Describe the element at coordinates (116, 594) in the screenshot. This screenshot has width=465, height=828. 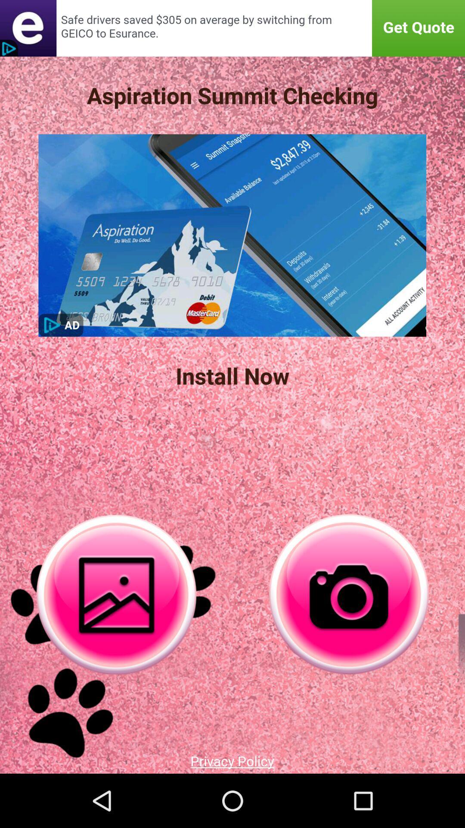
I see `gallery option` at that location.